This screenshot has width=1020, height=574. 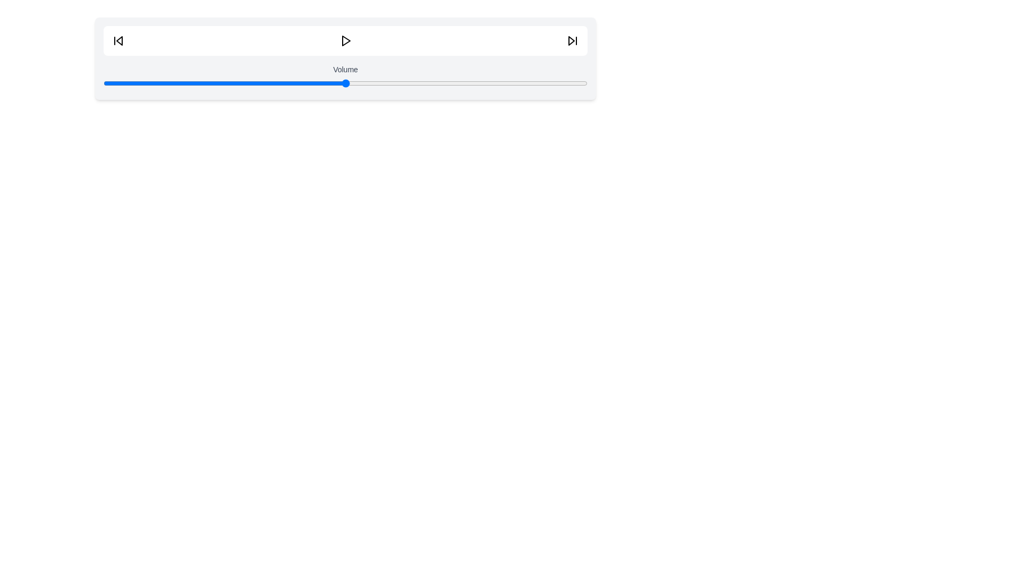 I want to click on the 'skip forward' button, which is an icon resembling an arrow pointing to the right, located in the top-right corner of the application interface, so click(x=572, y=40).